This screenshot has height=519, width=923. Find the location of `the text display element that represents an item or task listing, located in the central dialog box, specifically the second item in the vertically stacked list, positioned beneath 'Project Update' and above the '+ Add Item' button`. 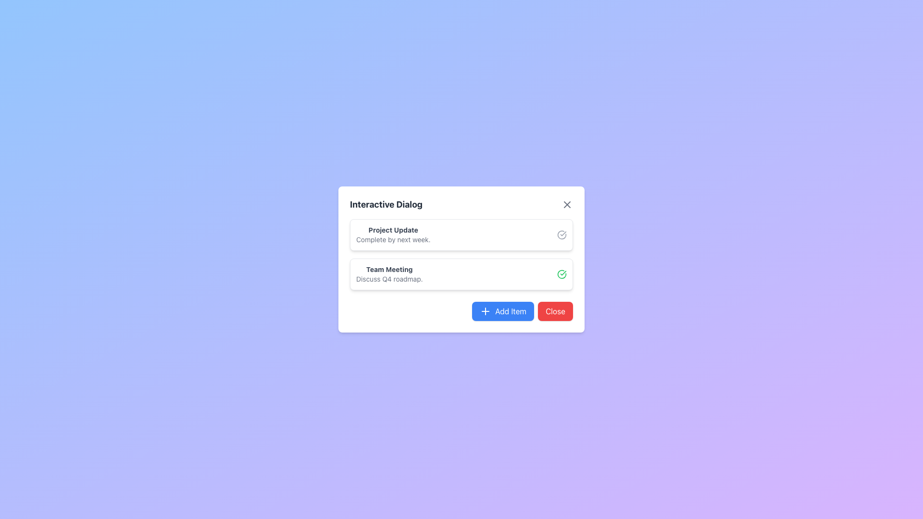

the text display element that represents an item or task listing, located in the central dialog box, specifically the second item in the vertically stacked list, positioned beneath 'Project Update' and above the '+ Add Item' button is located at coordinates (389, 274).